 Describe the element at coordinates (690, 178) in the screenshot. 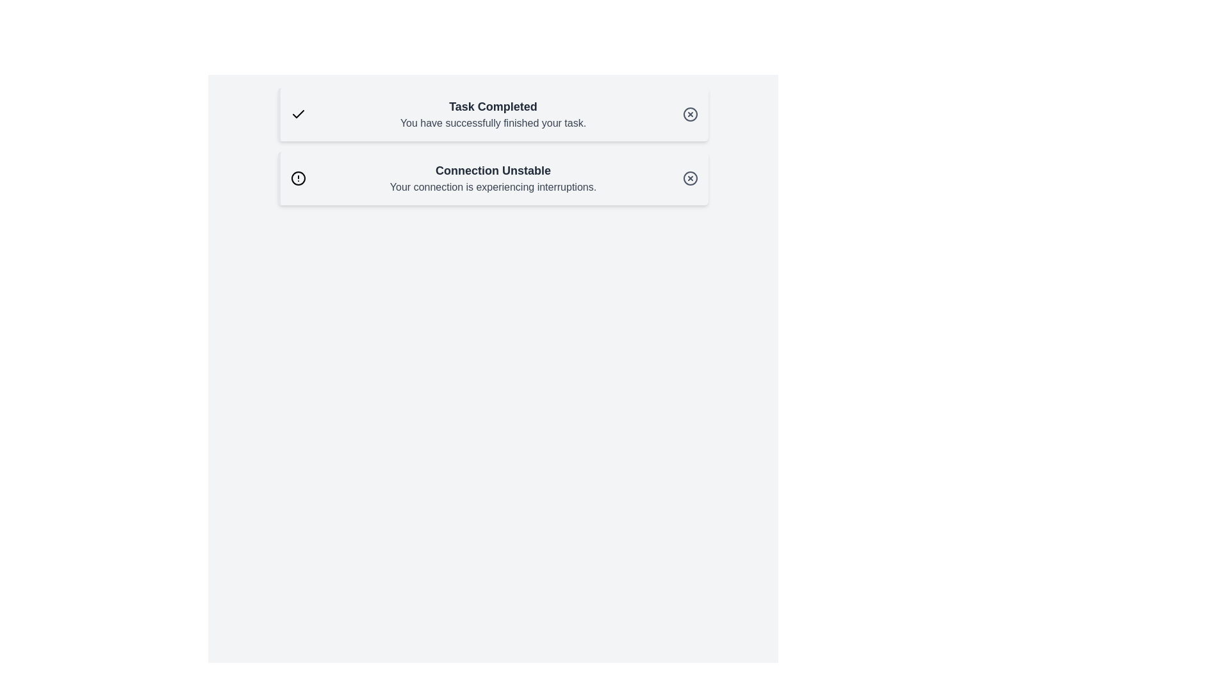

I see `the Close Icon (Circular with Cross) located at the top-right corner of the 'Connection Unstable' notification` at that location.